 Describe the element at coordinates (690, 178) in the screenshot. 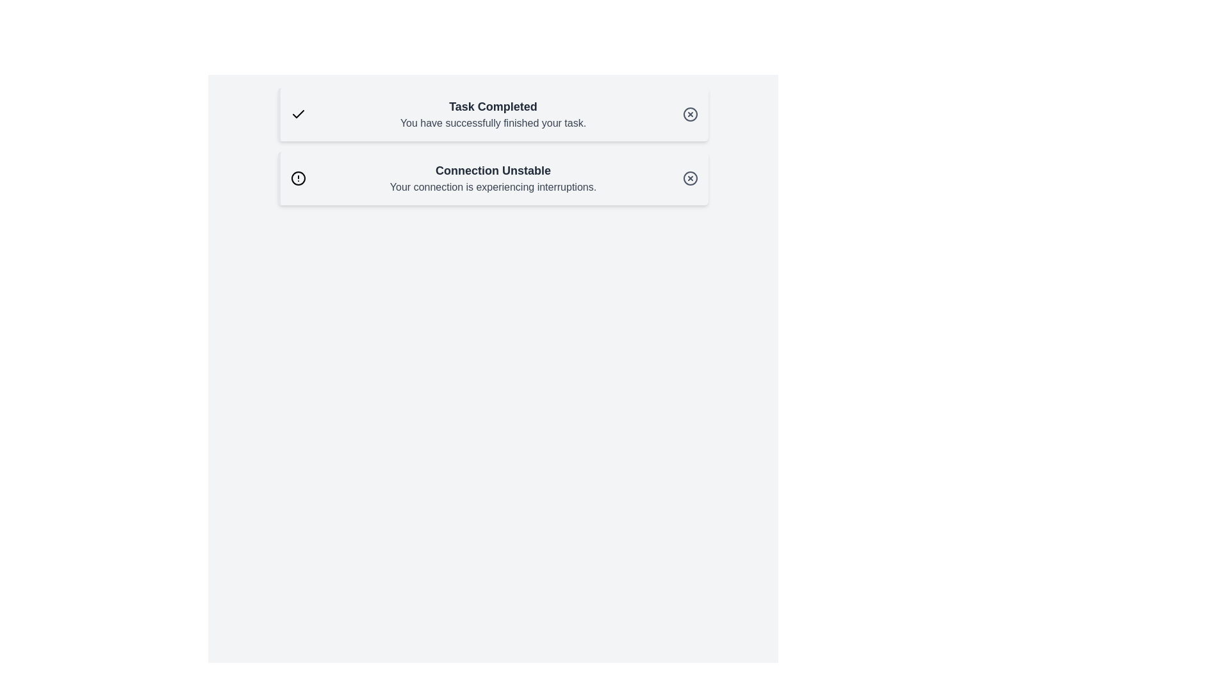

I see `the Close Icon (Circular with Cross) located at the top-right corner of the 'Connection Unstable' notification` at that location.